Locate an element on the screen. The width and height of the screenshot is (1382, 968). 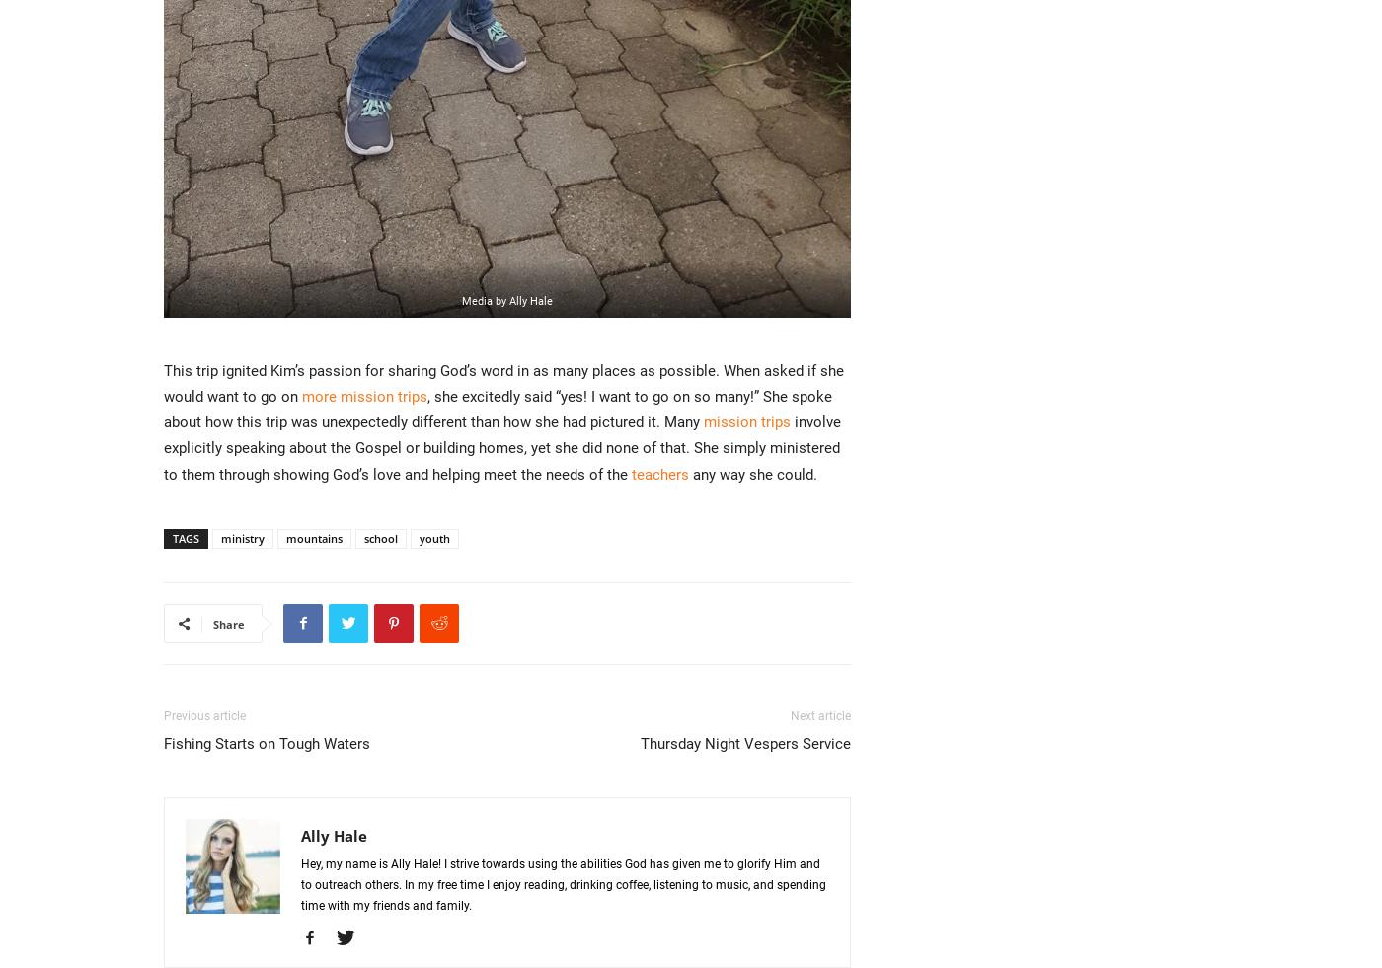
'teachers' is located at coordinates (657, 473).